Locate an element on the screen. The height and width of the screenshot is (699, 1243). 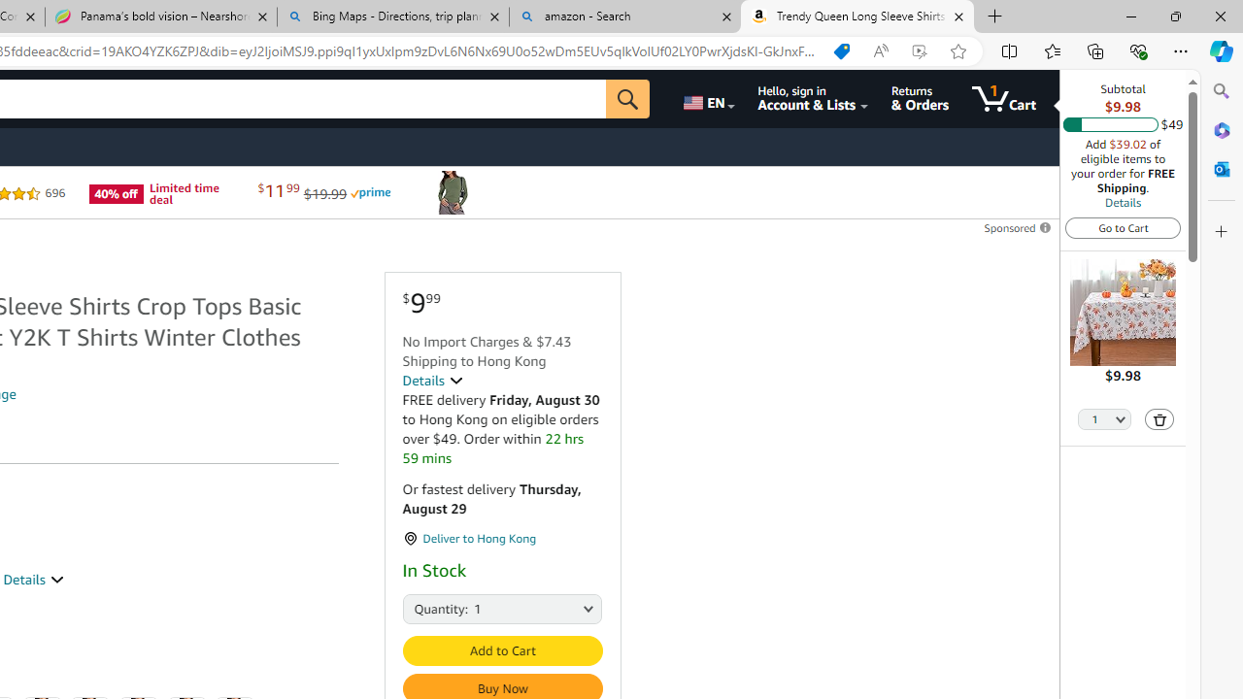
'Add to Cart' is located at coordinates (502, 650).